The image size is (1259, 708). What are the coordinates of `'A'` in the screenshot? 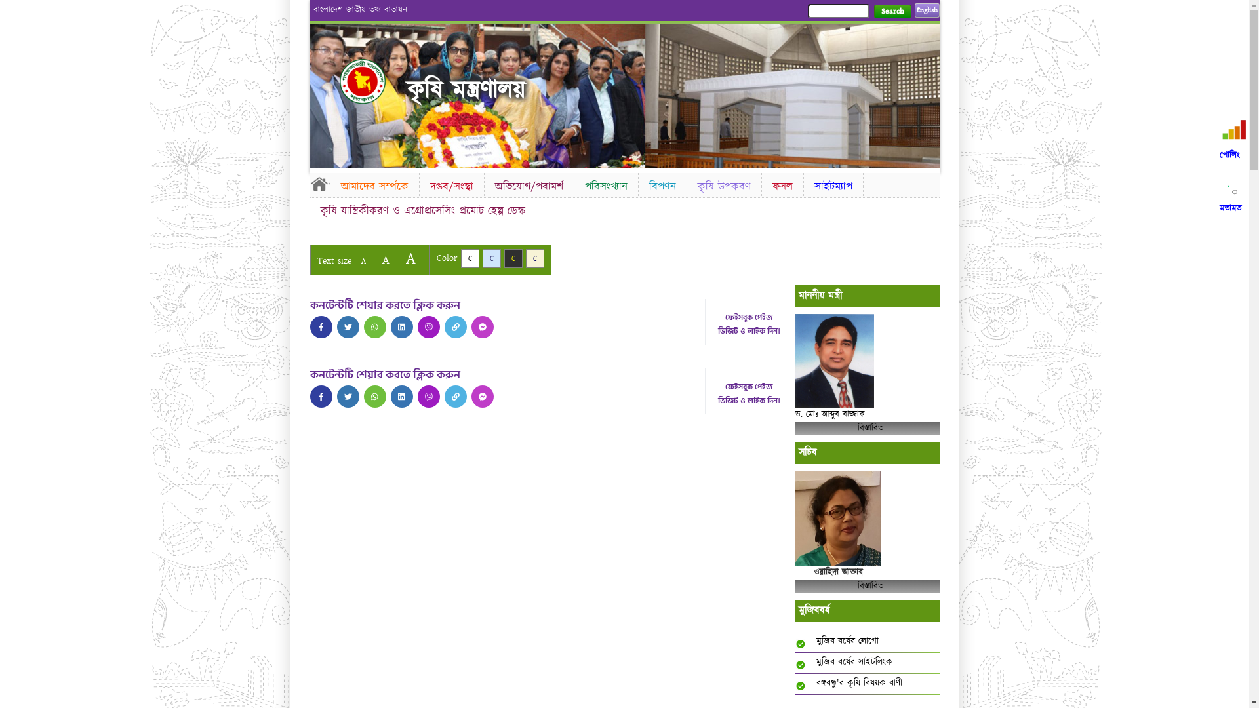 It's located at (363, 261).